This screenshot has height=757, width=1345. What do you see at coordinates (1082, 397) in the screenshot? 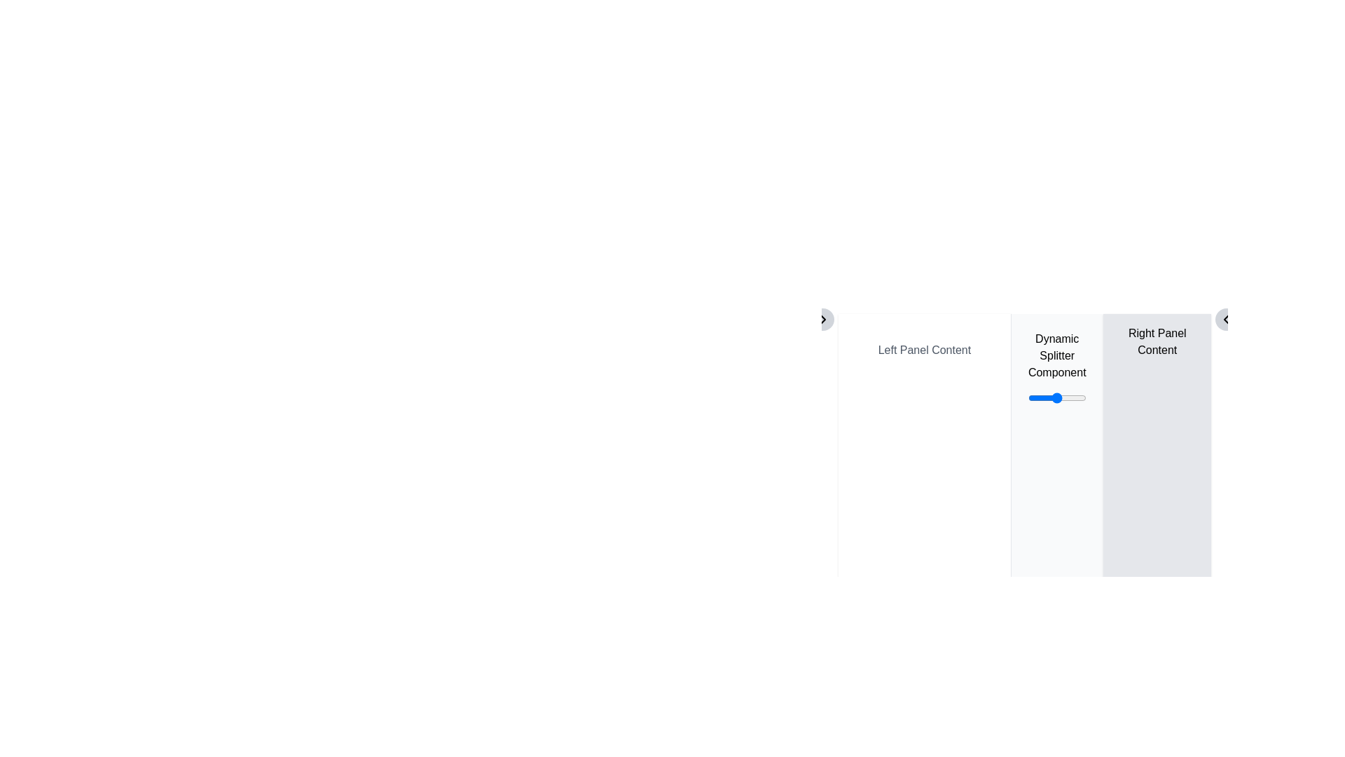
I see `the slider value` at bounding box center [1082, 397].